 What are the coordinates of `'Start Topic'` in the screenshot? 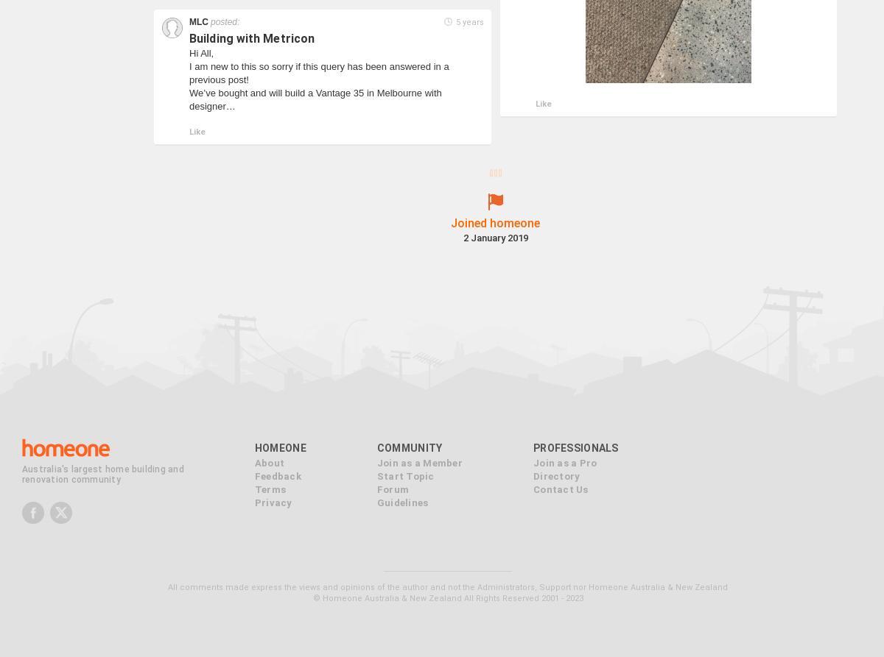 It's located at (375, 452).